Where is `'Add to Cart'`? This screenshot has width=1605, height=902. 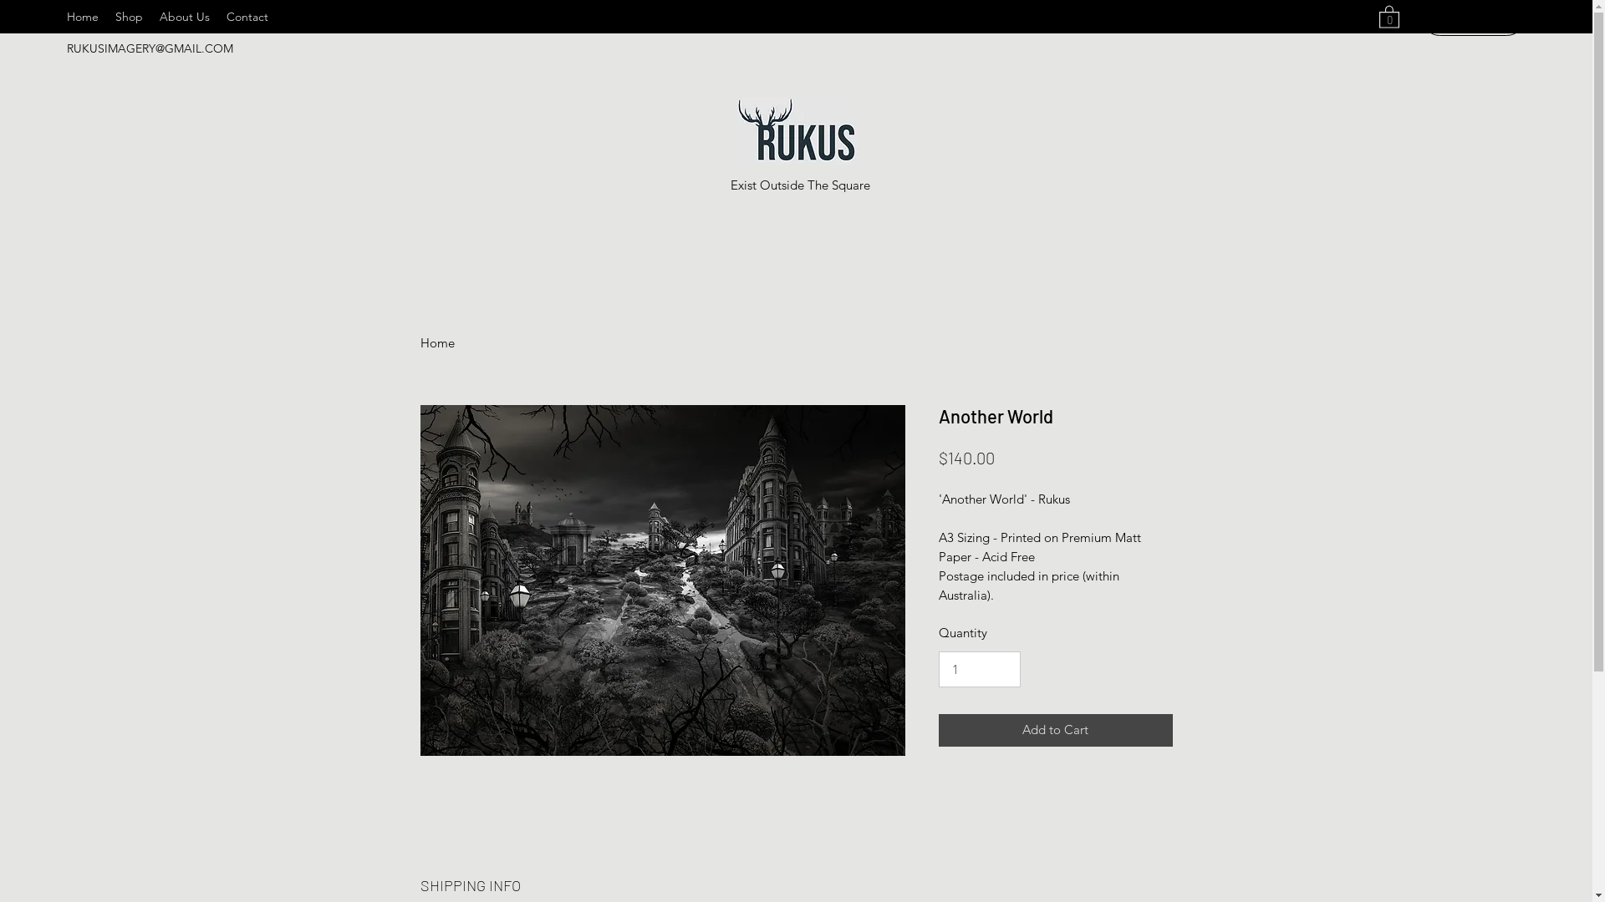
'Add to Cart' is located at coordinates (938, 729).